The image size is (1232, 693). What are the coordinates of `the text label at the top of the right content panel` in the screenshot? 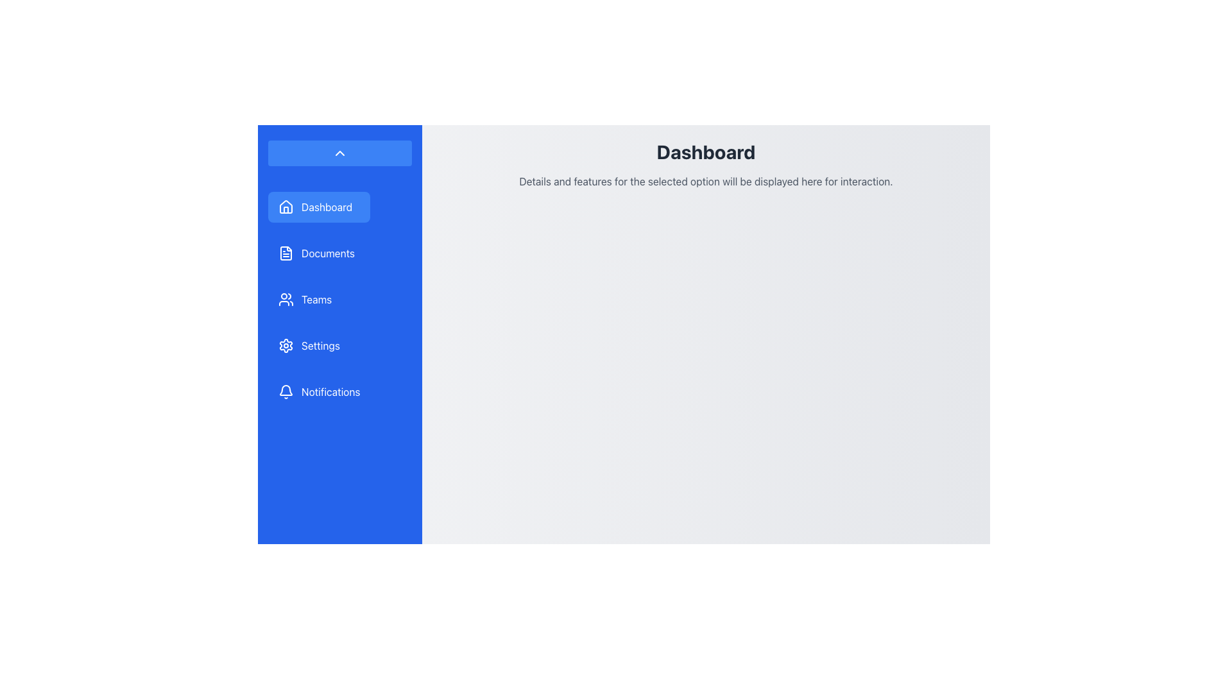 It's located at (705, 151).